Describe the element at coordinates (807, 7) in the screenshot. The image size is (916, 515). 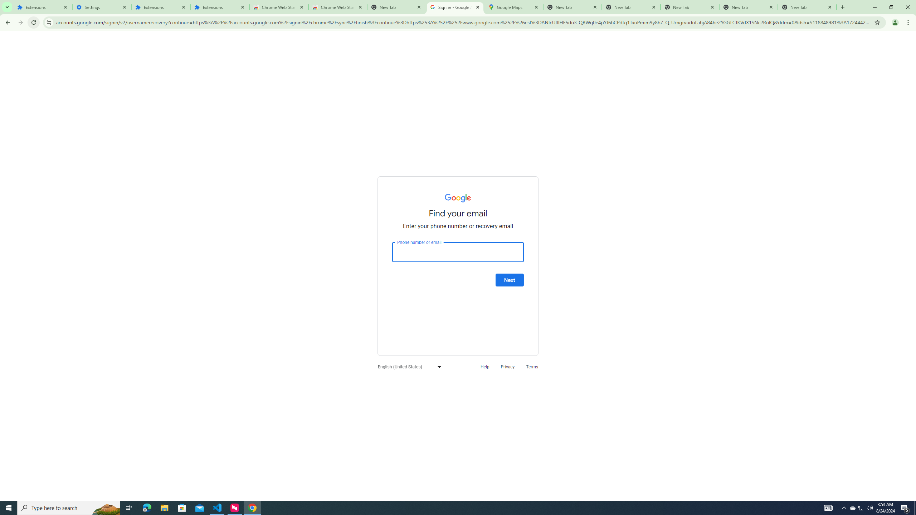
I see `'New Tab'` at that location.